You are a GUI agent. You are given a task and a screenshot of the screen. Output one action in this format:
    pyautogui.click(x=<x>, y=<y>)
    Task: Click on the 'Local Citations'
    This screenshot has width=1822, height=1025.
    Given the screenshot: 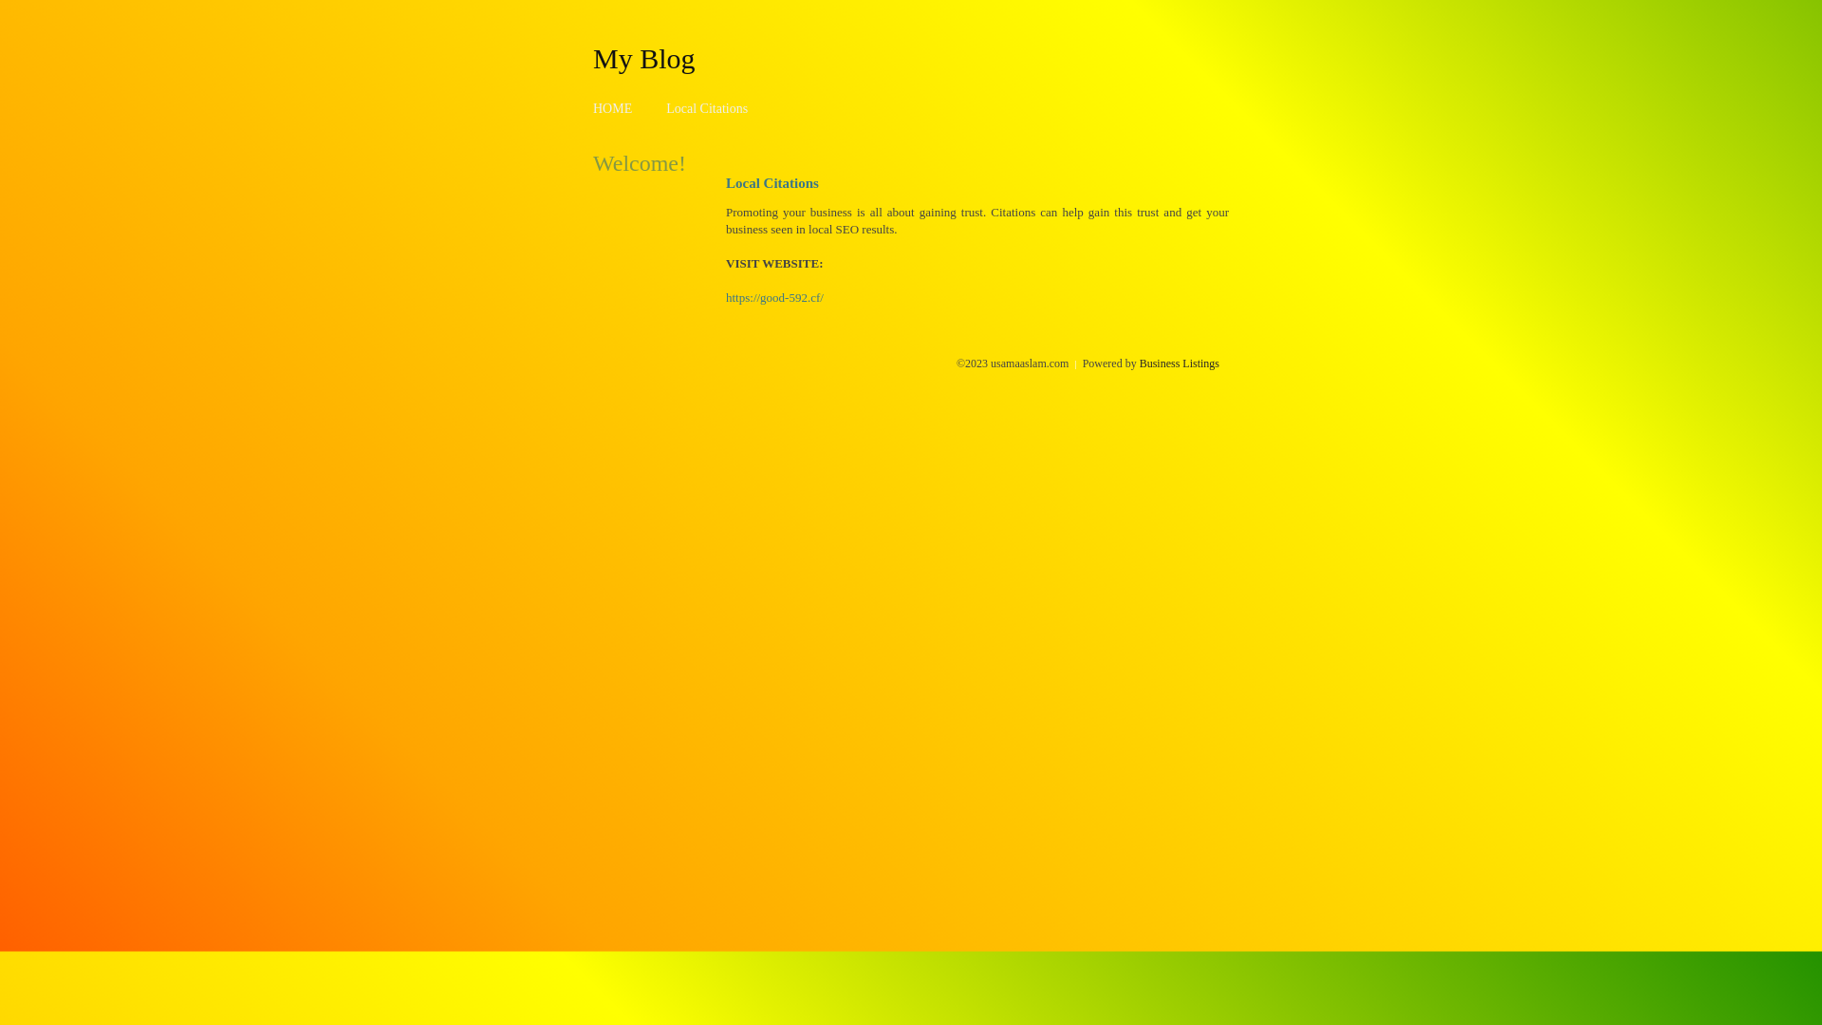 What is the action you would take?
    pyautogui.click(x=705, y=108)
    